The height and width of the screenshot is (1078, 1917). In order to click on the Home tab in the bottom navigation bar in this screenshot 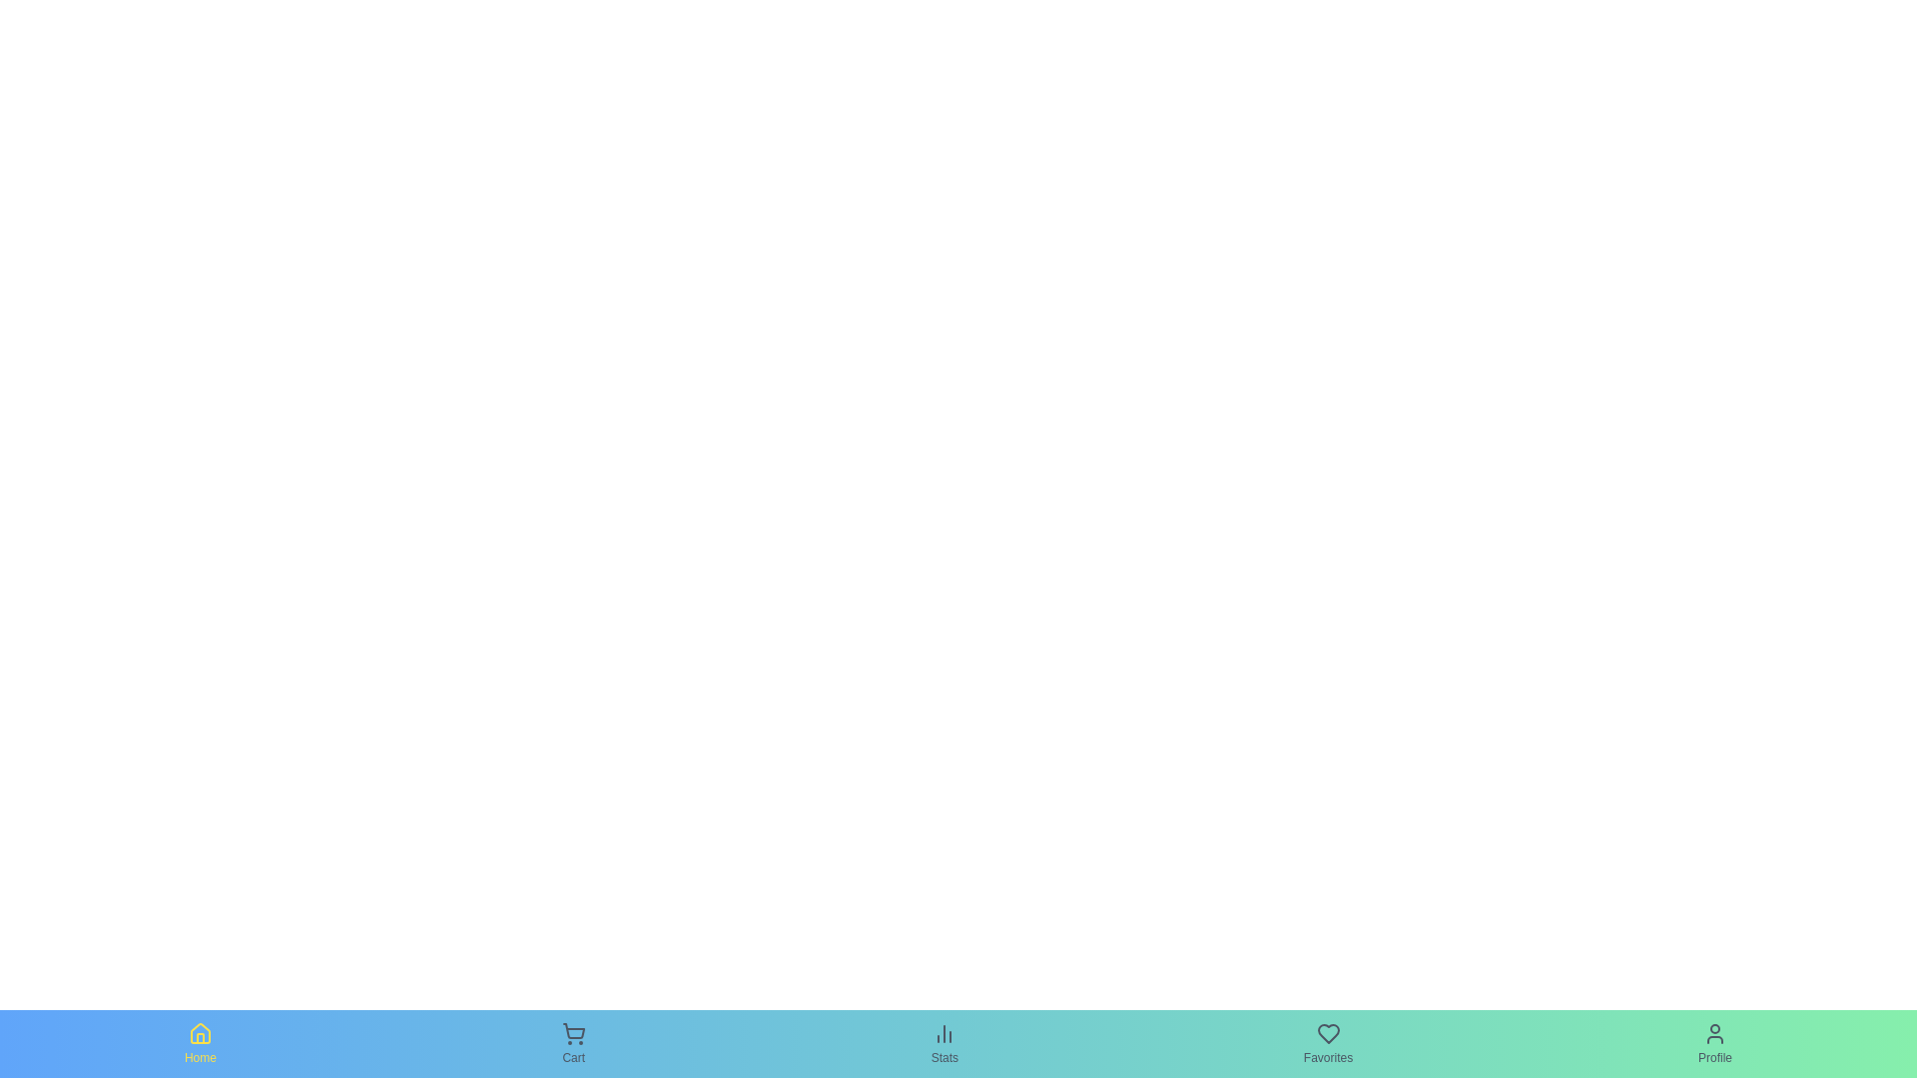, I will do `click(201, 1042)`.